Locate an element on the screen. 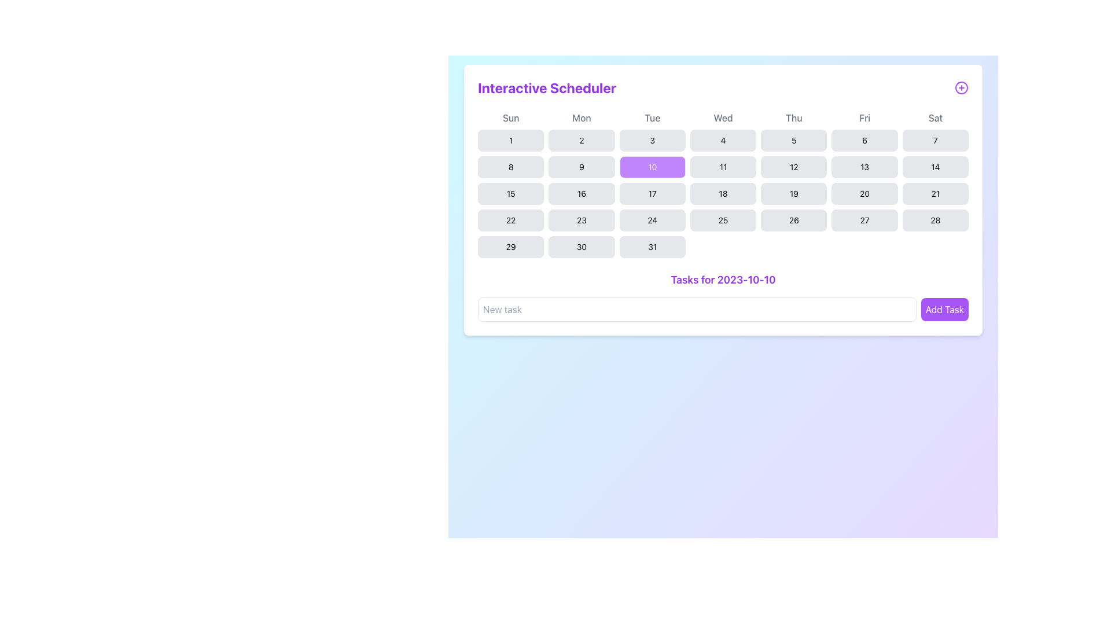  the calendar date button located in the second column of the second row, below the 'Mon' header is located at coordinates (582, 140).